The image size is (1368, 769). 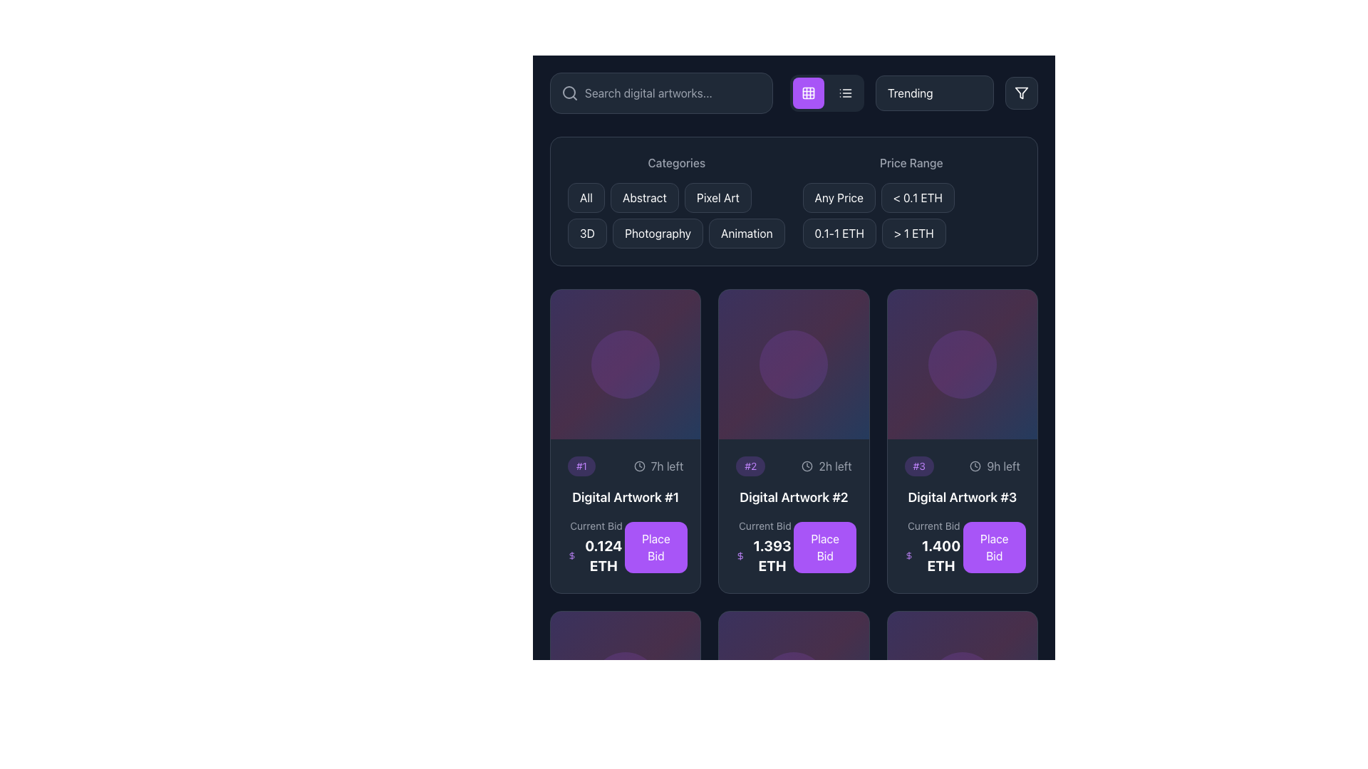 What do you see at coordinates (572, 555) in the screenshot?
I see `the currency icon located to the left of the text '0.124 ETH' in the bottom-right corner of the card labeled 'Digital Artwork #1'` at bounding box center [572, 555].